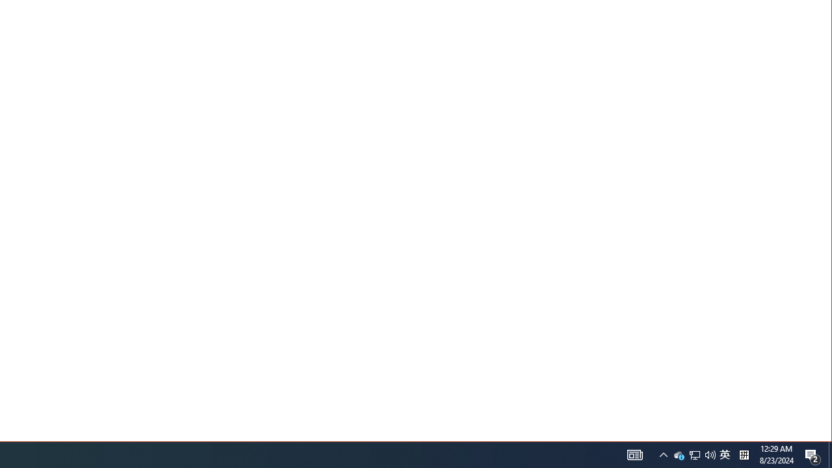 The width and height of the screenshot is (832, 468). I want to click on 'Action Center, 2 new notifications', so click(812, 454).